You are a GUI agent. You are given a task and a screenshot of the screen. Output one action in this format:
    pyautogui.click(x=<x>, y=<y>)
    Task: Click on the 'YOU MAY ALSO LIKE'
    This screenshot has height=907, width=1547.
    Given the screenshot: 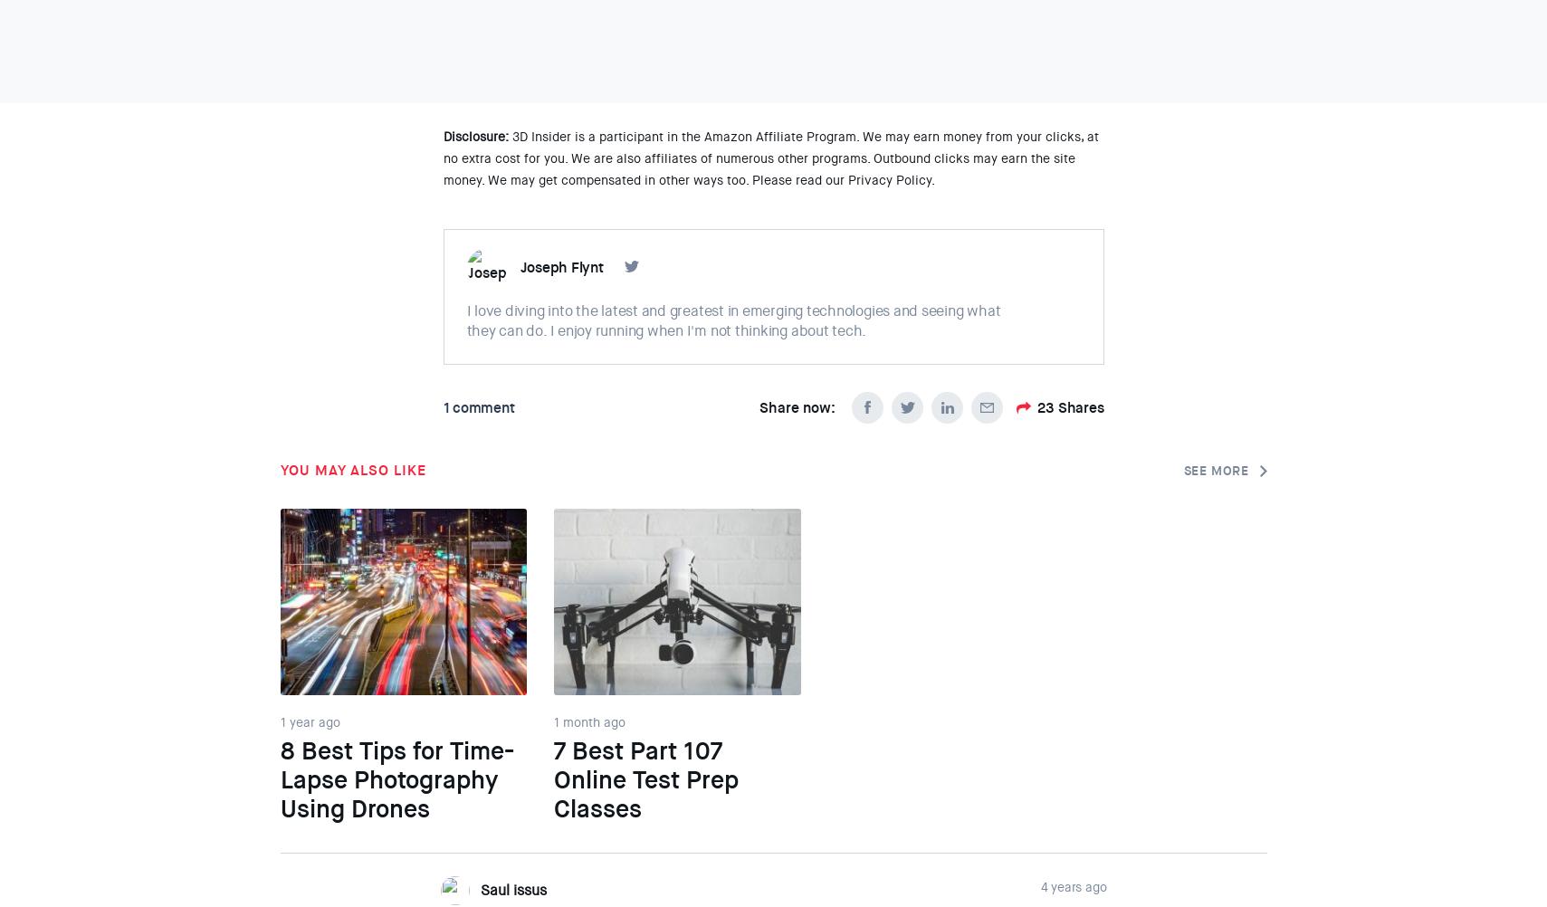 What is the action you would take?
    pyautogui.click(x=351, y=470)
    